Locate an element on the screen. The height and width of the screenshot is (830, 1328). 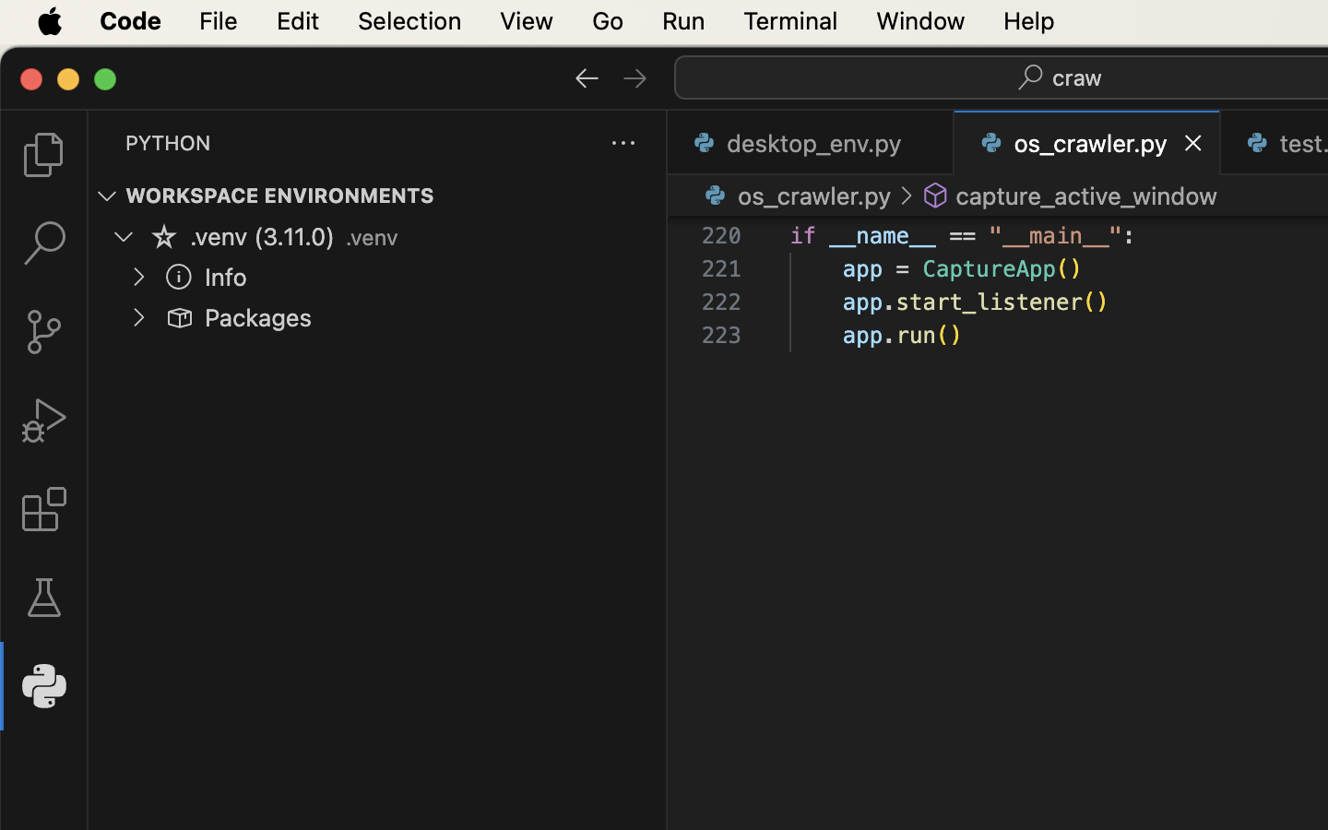
'0 ' is located at coordinates (42, 332).